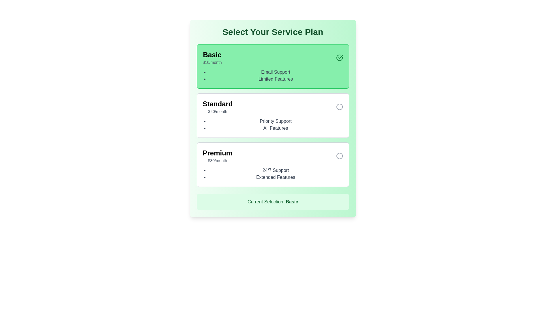 The image size is (554, 312). Describe the element at coordinates (272, 125) in the screenshot. I see `the bullet list containing text items that detail the features of the 'Standard' service plan, located below the price '$20/month'` at that location.